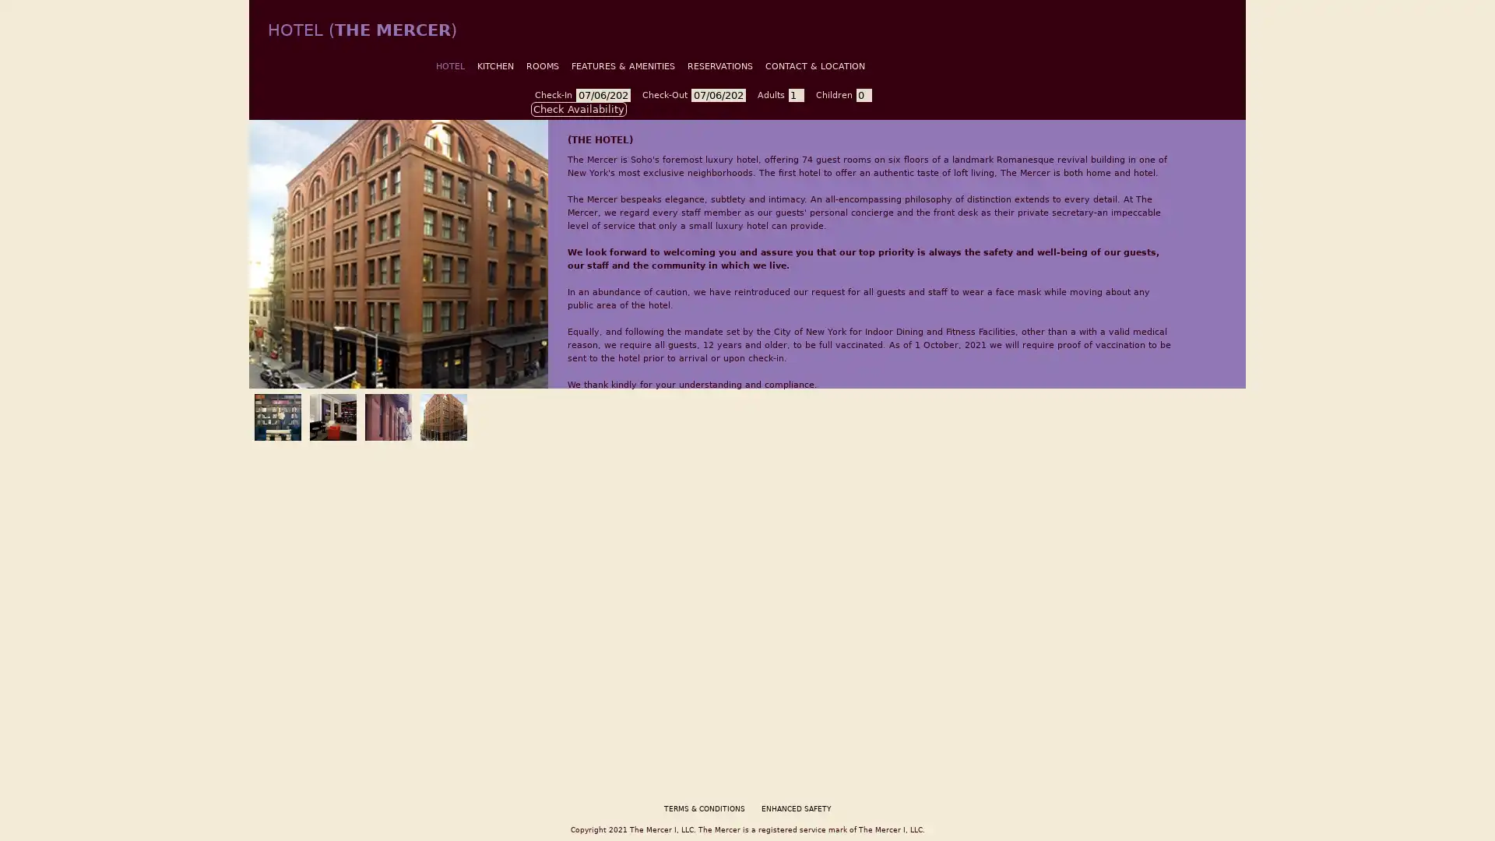 The width and height of the screenshot is (1495, 841). What do you see at coordinates (329, 413) in the screenshot?
I see `Hotel lobby` at bounding box center [329, 413].